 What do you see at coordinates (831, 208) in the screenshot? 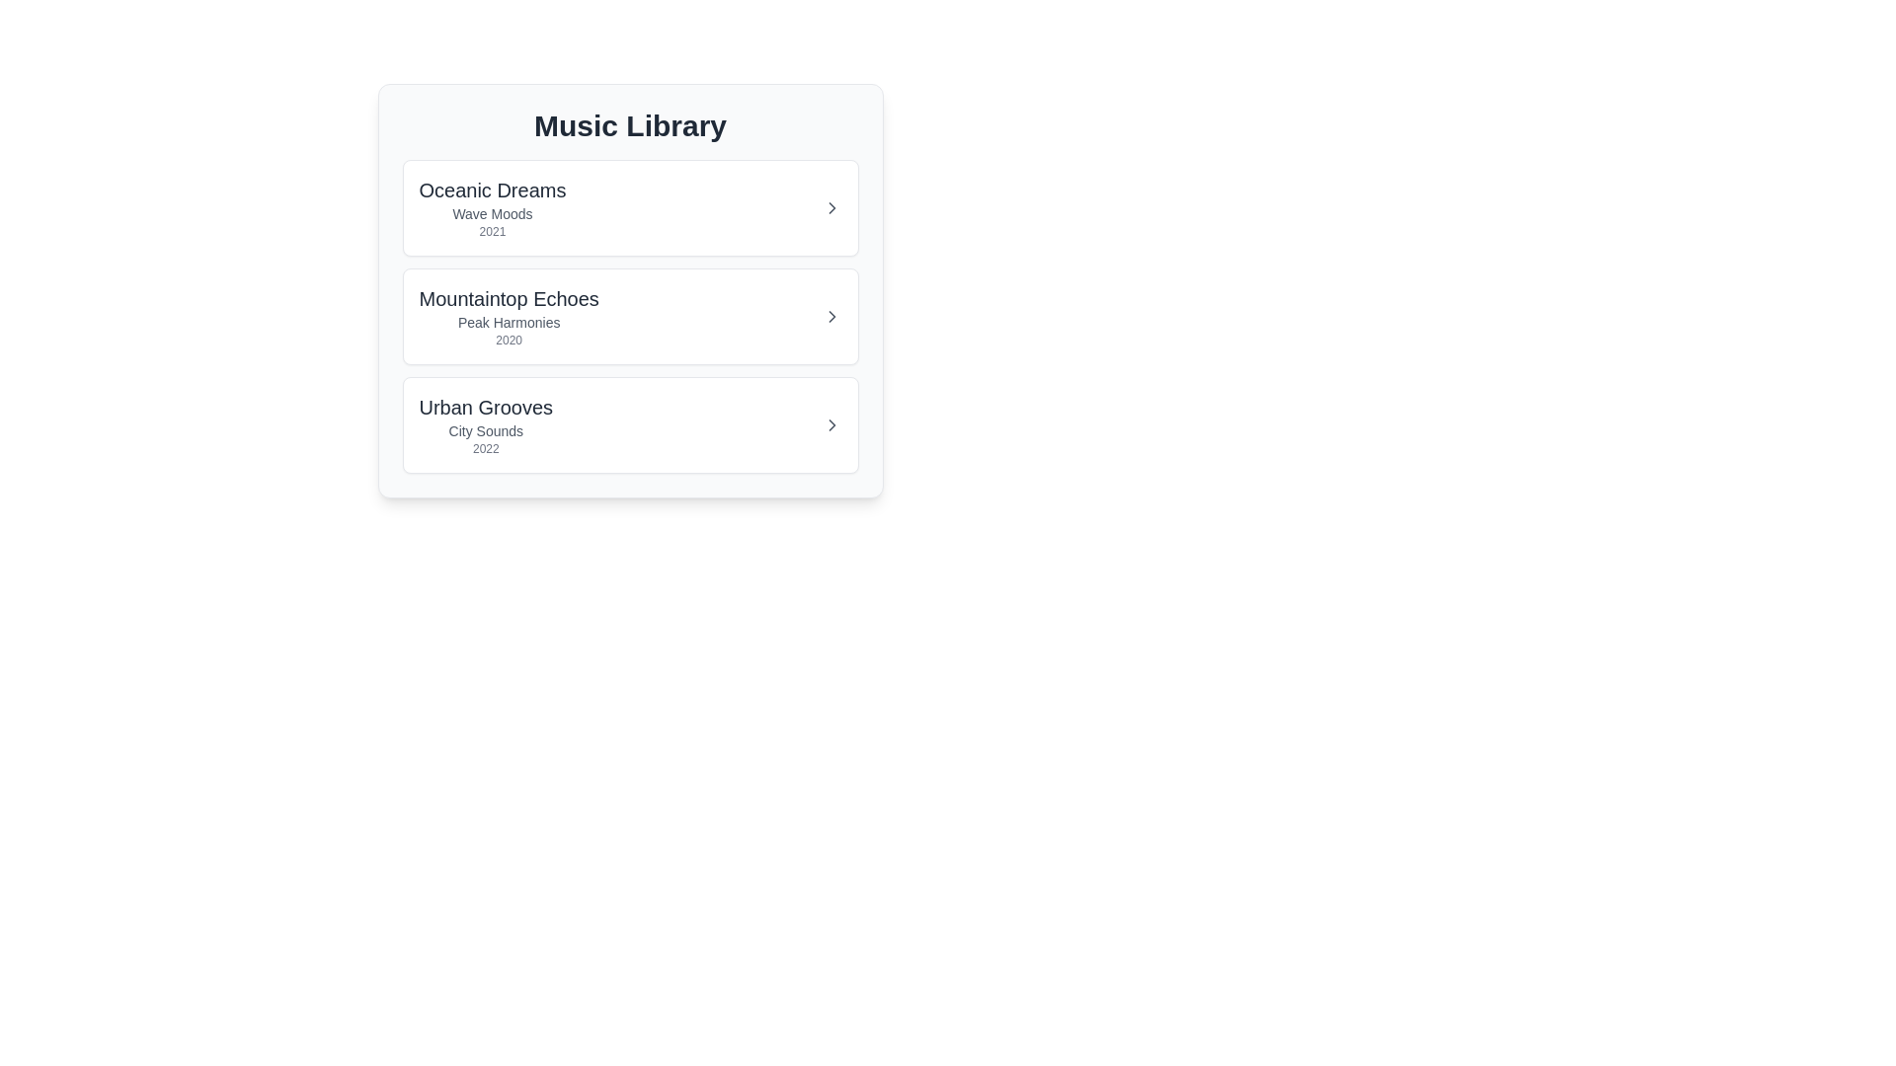
I see `expand button for the album item with the name Oceanic Dreams` at bounding box center [831, 208].